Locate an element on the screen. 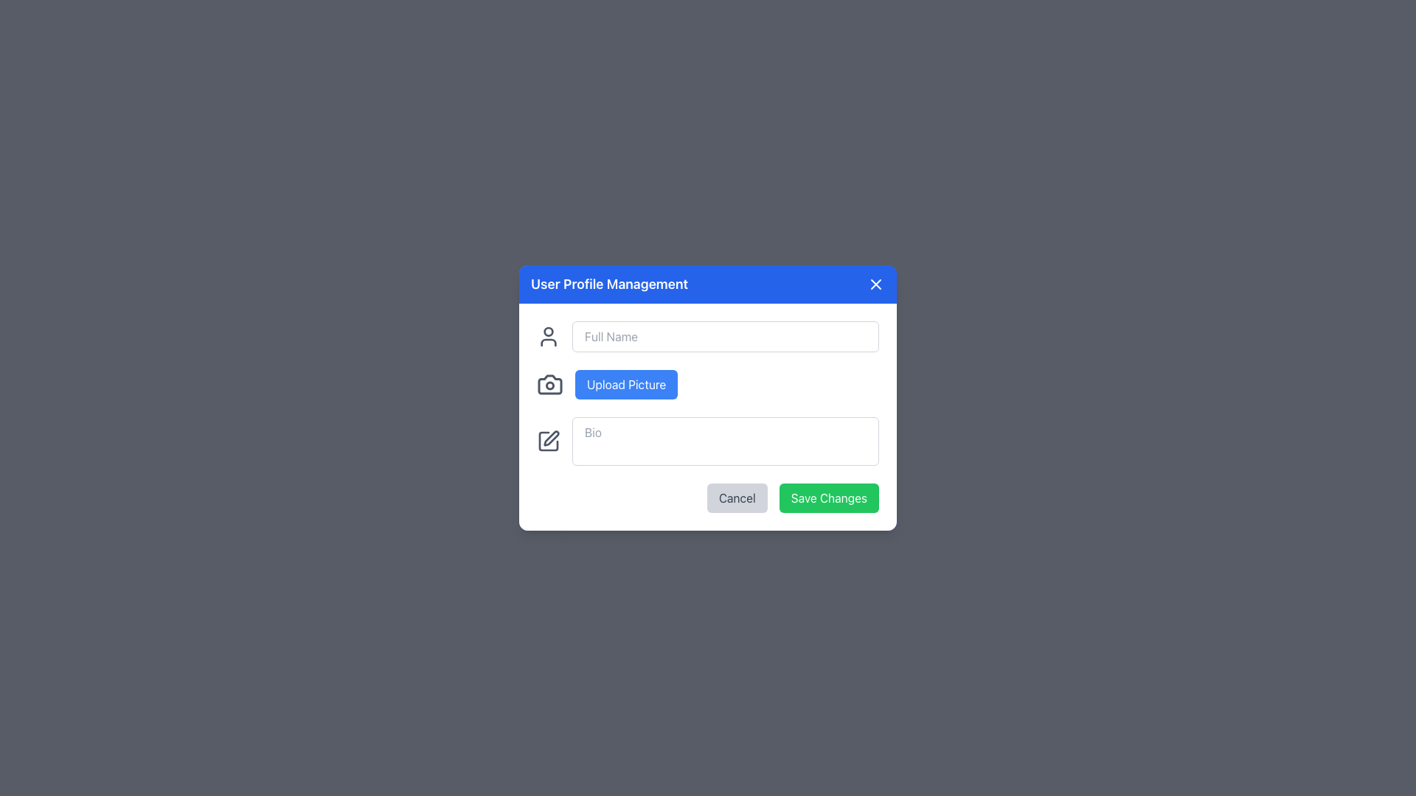 The width and height of the screenshot is (1416, 796). the user icon, which is represented by a dark gray circular head and torso design, located at the left-most position before the 'Full Name' text input field in the user profile management dialog is located at coordinates (548, 336).